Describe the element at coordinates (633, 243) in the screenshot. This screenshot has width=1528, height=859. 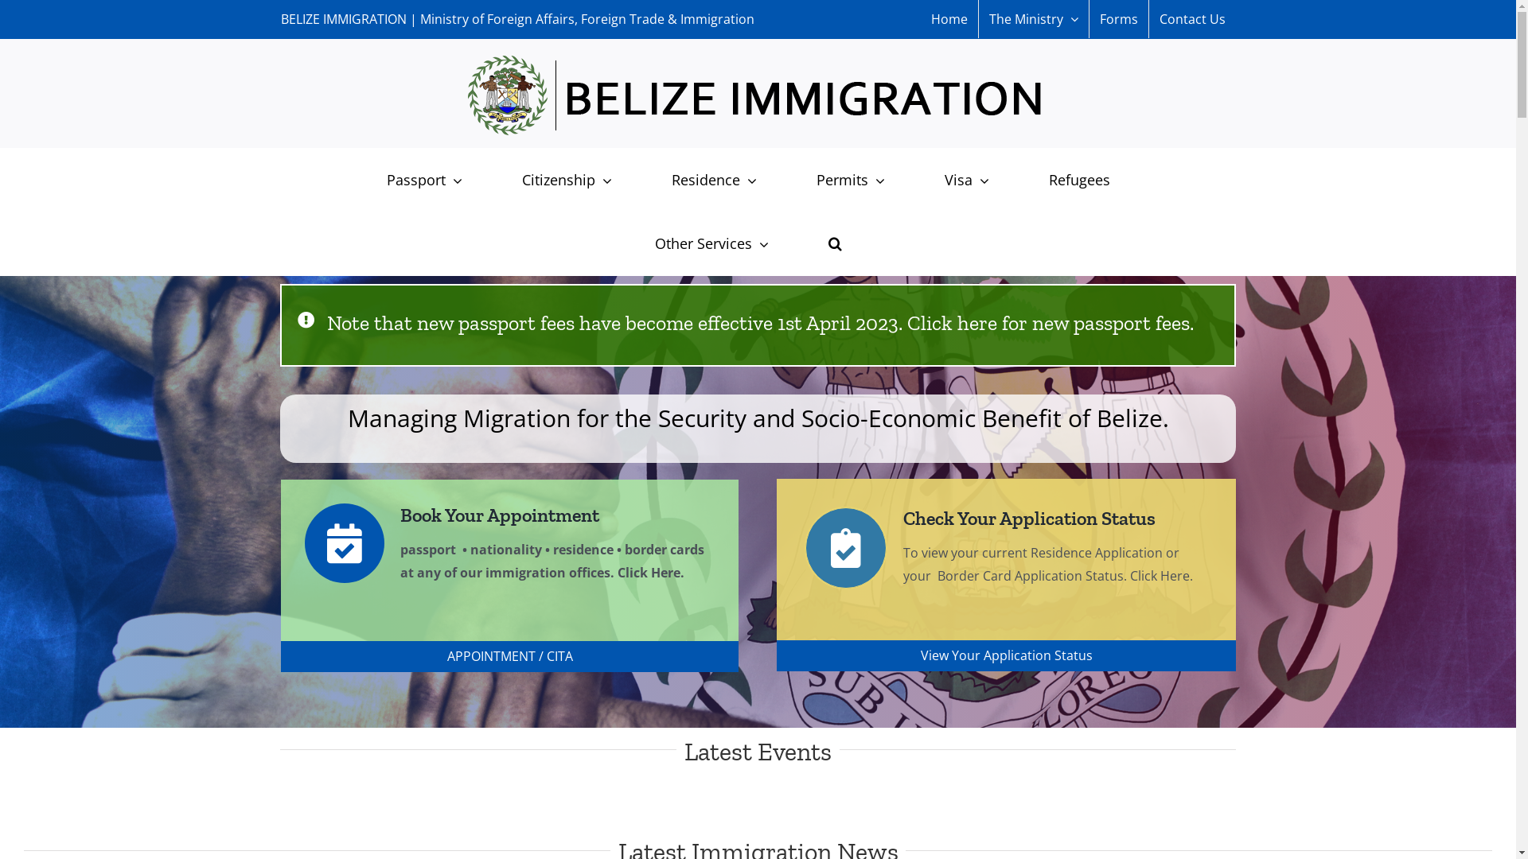
I see `'Other Services'` at that location.